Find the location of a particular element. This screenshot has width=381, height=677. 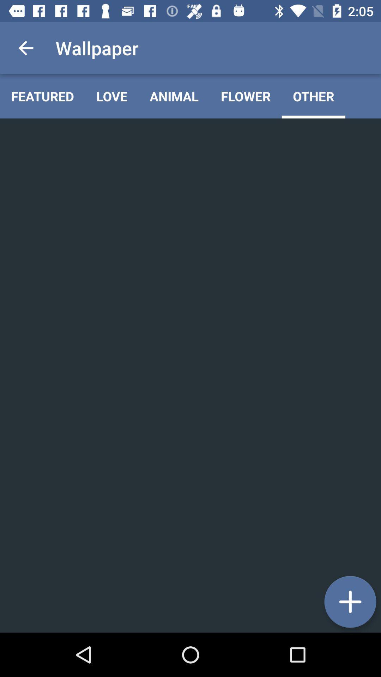

icon to the left of the love icon is located at coordinates (42, 96).